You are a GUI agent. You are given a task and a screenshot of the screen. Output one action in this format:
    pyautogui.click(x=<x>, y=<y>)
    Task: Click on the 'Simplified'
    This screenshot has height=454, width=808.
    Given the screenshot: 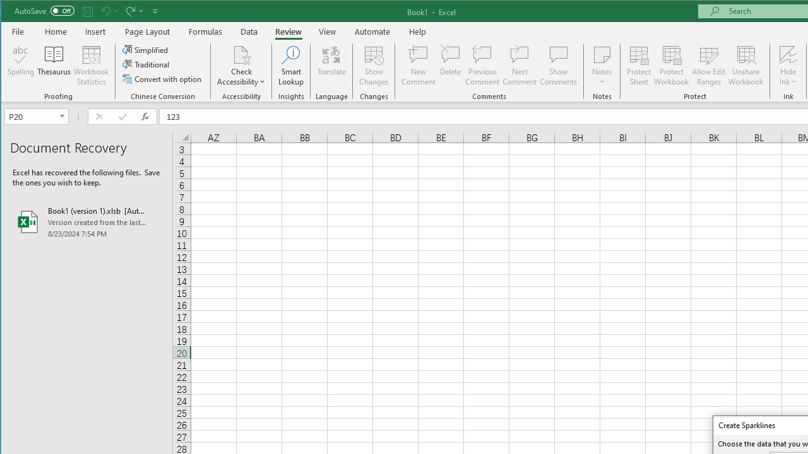 What is the action you would take?
    pyautogui.click(x=146, y=49)
    